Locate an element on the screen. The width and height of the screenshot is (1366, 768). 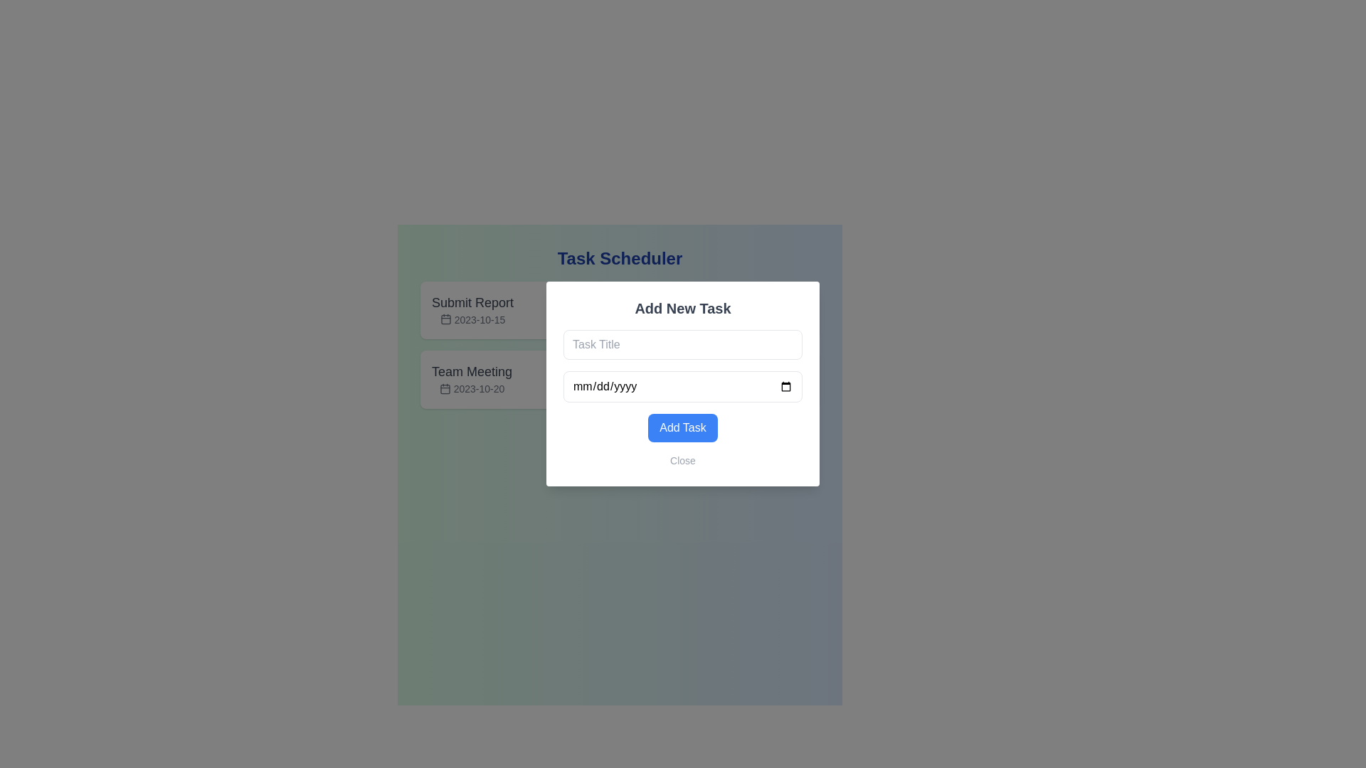
the blue 'Add Task' button at the bottom of the modal is located at coordinates (683, 427).